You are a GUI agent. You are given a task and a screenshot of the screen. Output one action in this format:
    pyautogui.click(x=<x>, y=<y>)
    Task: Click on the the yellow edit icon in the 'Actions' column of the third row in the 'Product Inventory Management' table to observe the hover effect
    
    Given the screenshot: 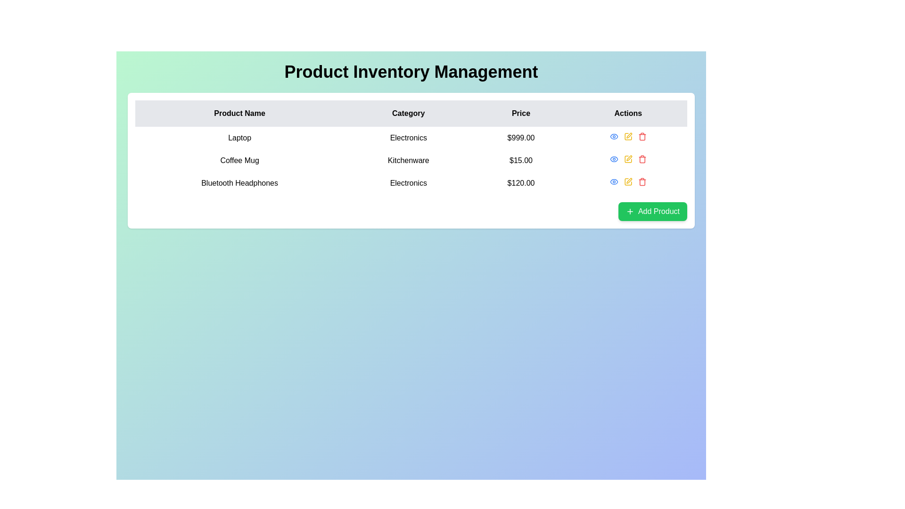 What is the action you would take?
    pyautogui.click(x=628, y=181)
    